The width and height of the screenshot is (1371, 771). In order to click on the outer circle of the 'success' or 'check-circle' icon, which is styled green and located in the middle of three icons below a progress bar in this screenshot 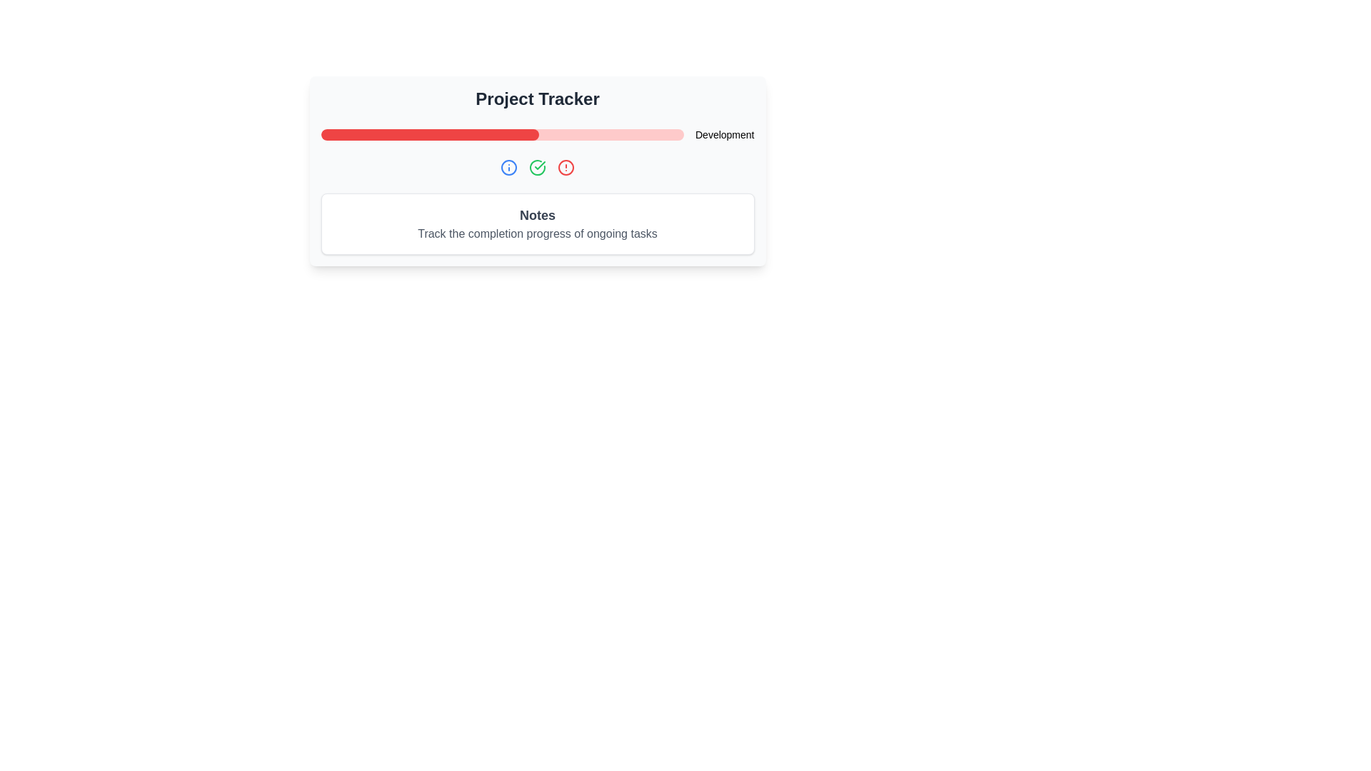, I will do `click(537, 167)`.